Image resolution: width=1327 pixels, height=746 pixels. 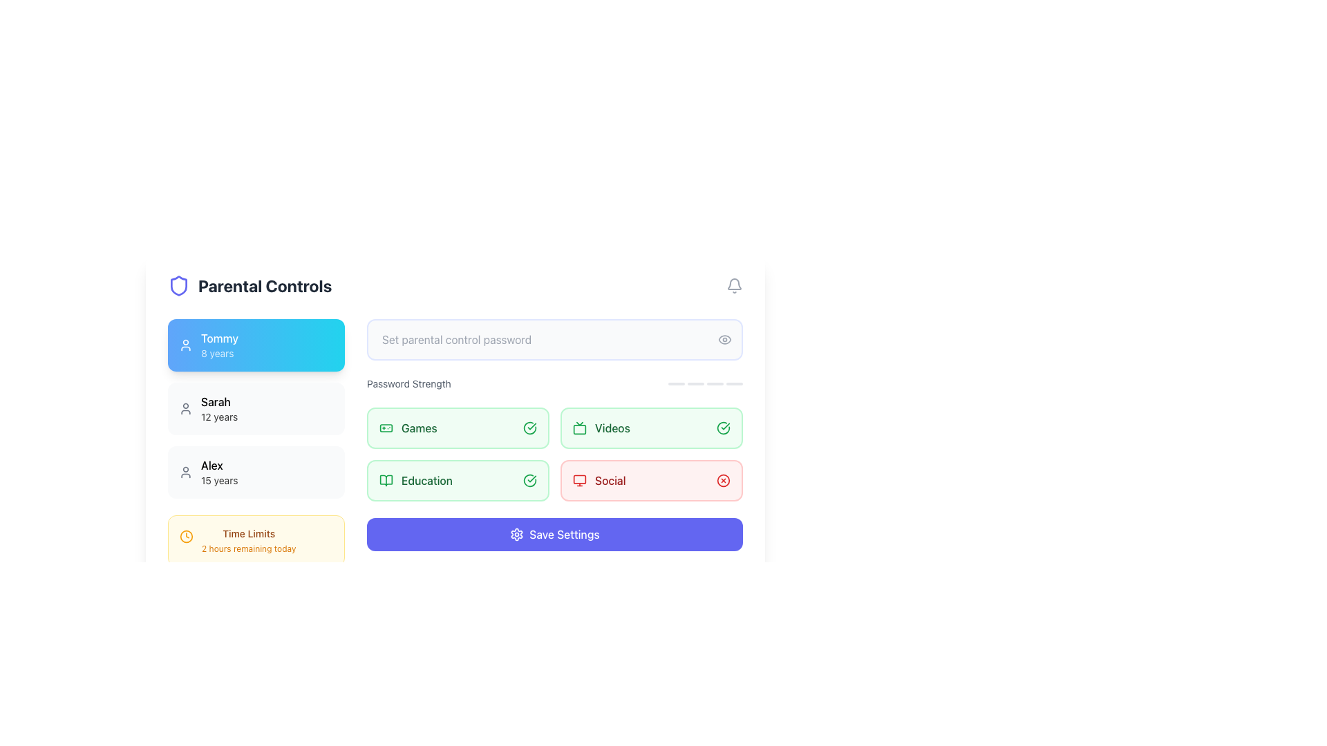 I want to click on the 'Videos' category selector in the upper-right quadrant of the interface, so click(x=650, y=428).